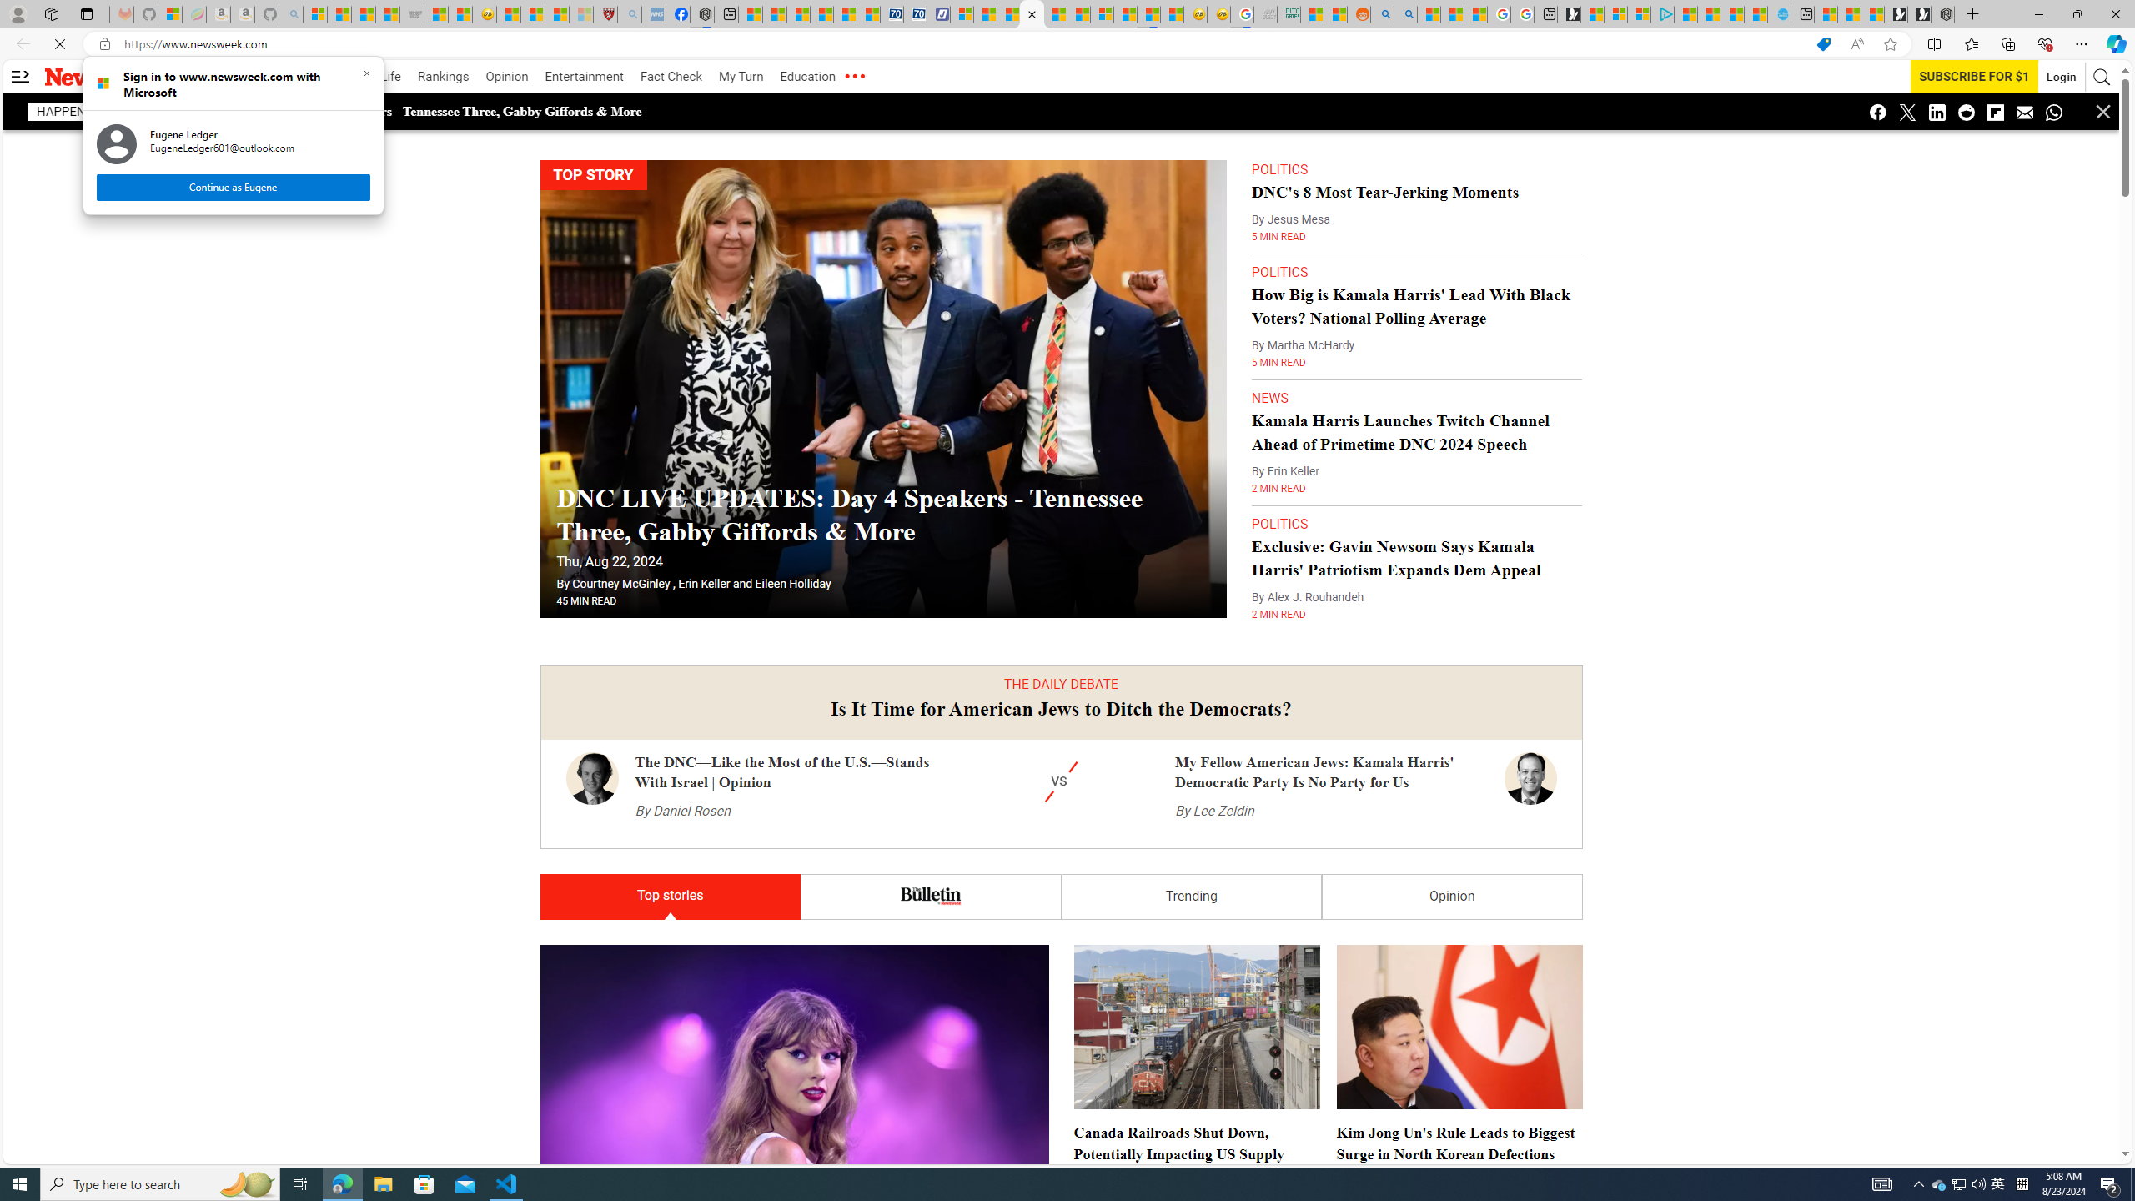 This screenshot has width=2135, height=1201. Describe the element at coordinates (806, 76) in the screenshot. I see `'Education'` at that location.